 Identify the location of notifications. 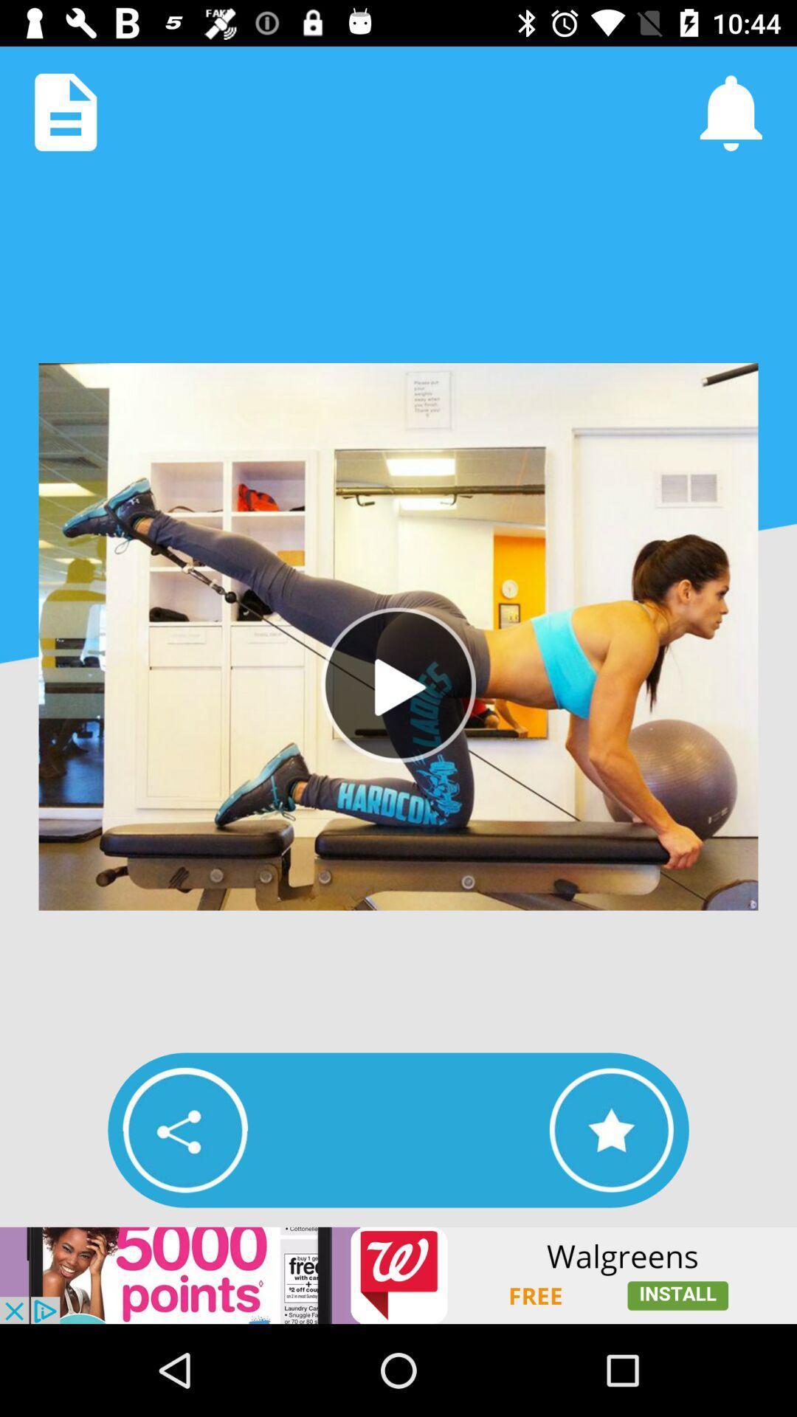
(731, 111).